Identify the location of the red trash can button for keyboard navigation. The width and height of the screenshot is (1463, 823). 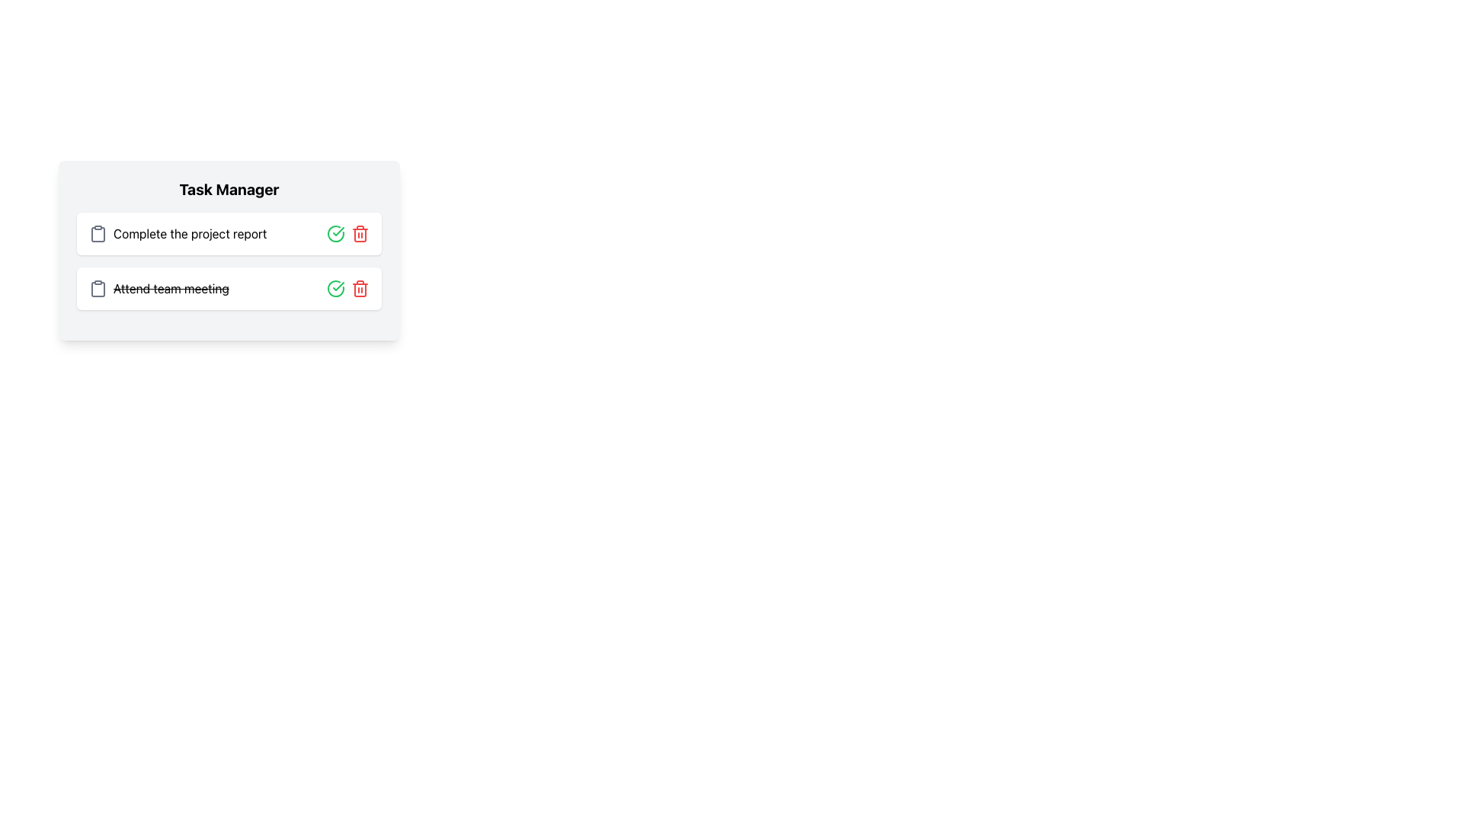
(360, 288).